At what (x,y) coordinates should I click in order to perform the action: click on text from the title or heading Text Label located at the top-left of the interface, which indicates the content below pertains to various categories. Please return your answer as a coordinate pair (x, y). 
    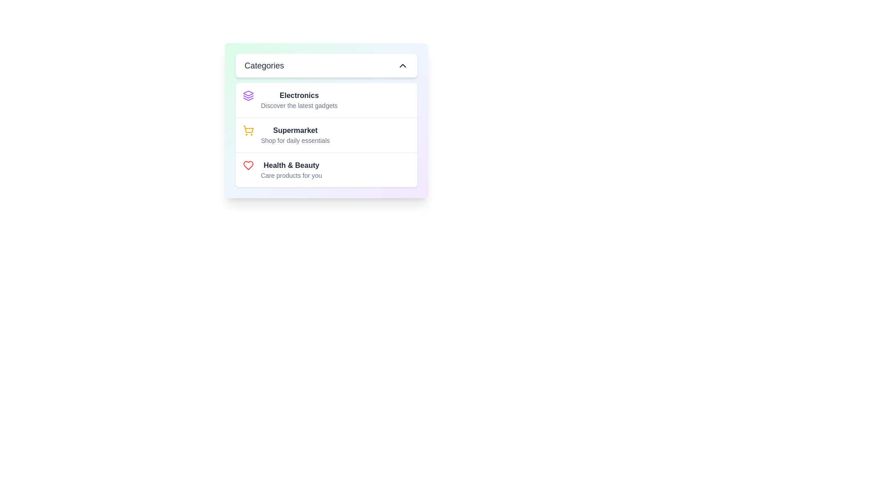
    Looking at the image, I should click on (263, 65).